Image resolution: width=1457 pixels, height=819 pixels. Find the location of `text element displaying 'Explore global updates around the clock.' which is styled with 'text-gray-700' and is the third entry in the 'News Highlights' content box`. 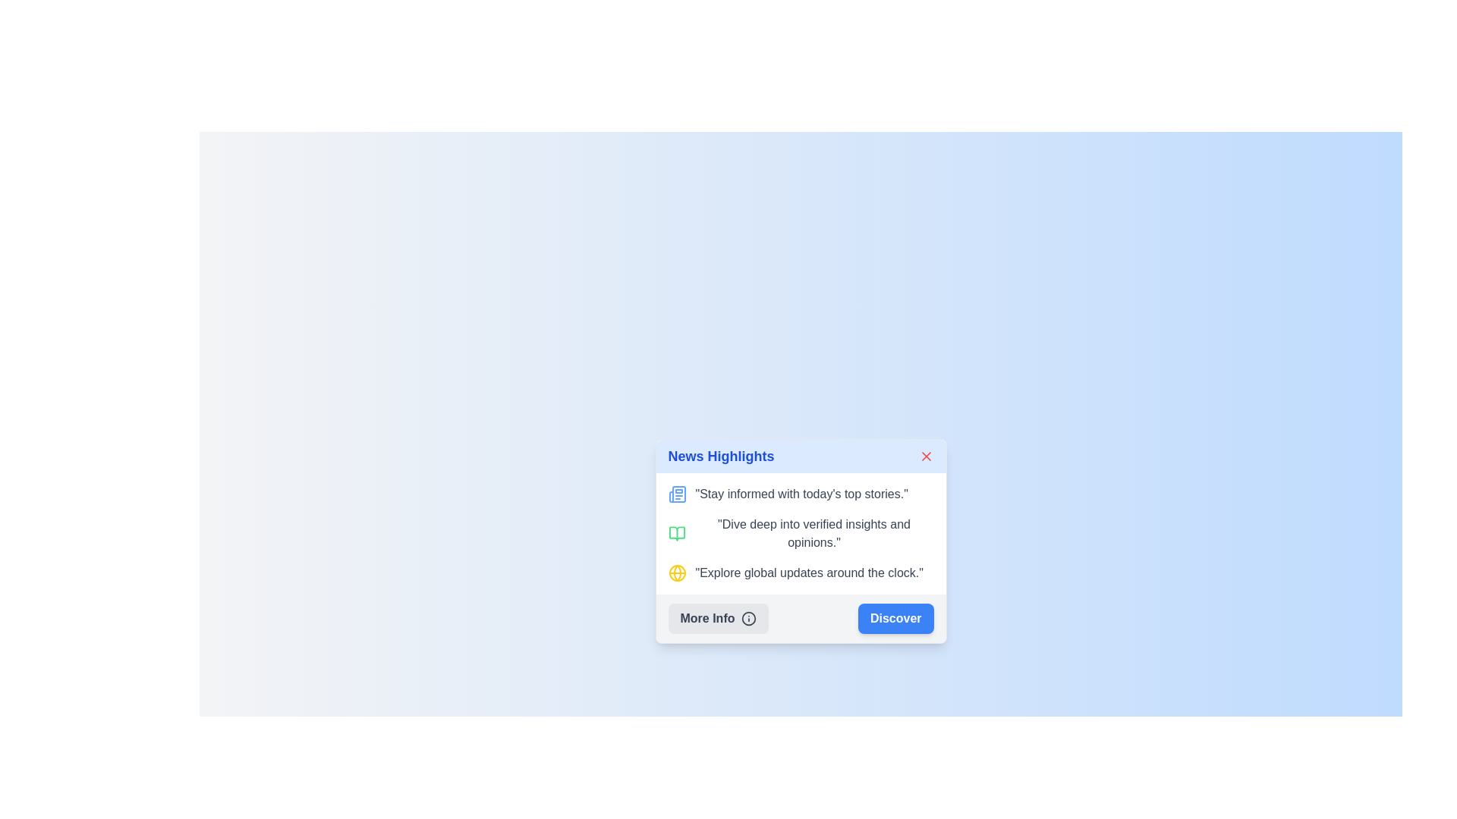

text element displaying 'Explore global updates around the clock.' which is styled with 'text-gray-700' and is the third entry in the 'News Highlights' content box is located at coordinates (808, 573).